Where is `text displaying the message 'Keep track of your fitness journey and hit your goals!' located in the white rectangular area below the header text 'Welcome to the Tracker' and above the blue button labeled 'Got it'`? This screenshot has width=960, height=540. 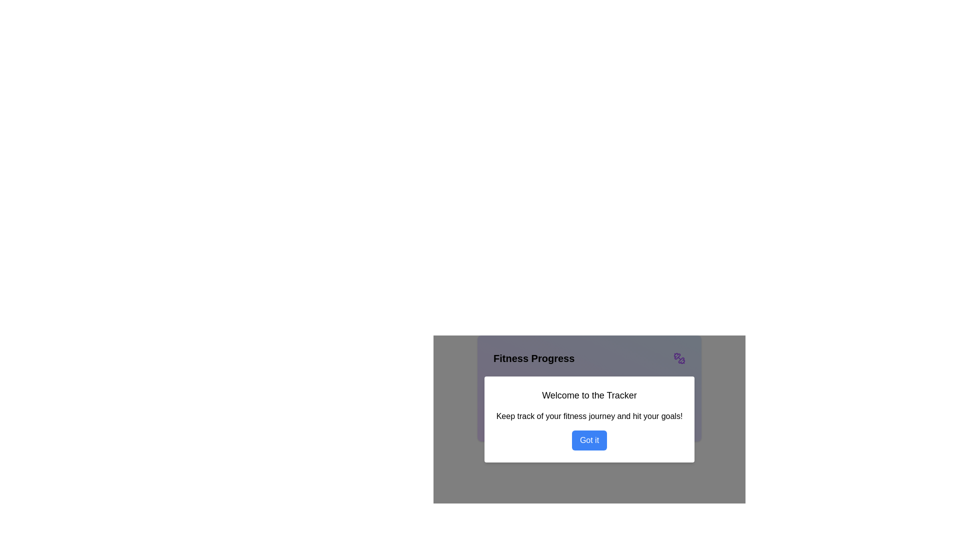 text displaying the message 'Keep track of your fitness journey and hit your goals!' located in the white rectangular area below the header text 'Welcome to the Tracker' and above the blue button labeled 'Got it' is located at coordinates (589, 416).